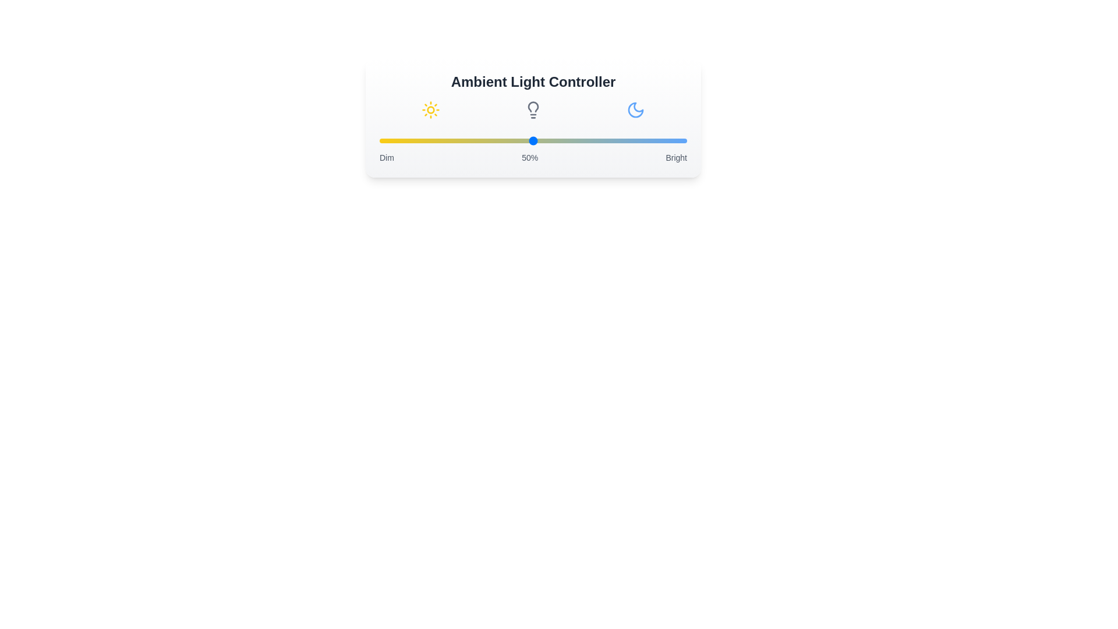 This screenshot has height=629, width=1118. Describe the element at coordinates (533, 110) in the screenshot. I see `the Lightbulb icon to interact with it` at that location.